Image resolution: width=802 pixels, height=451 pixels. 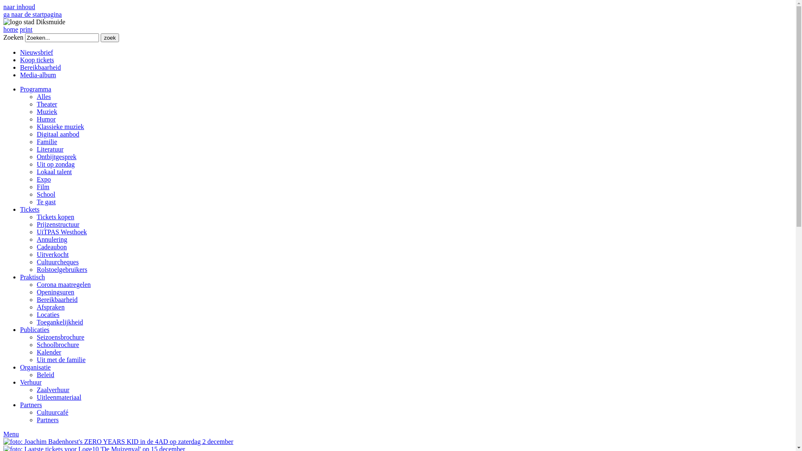 I want to click on 'Literatuur', so click(x=50, y=149).